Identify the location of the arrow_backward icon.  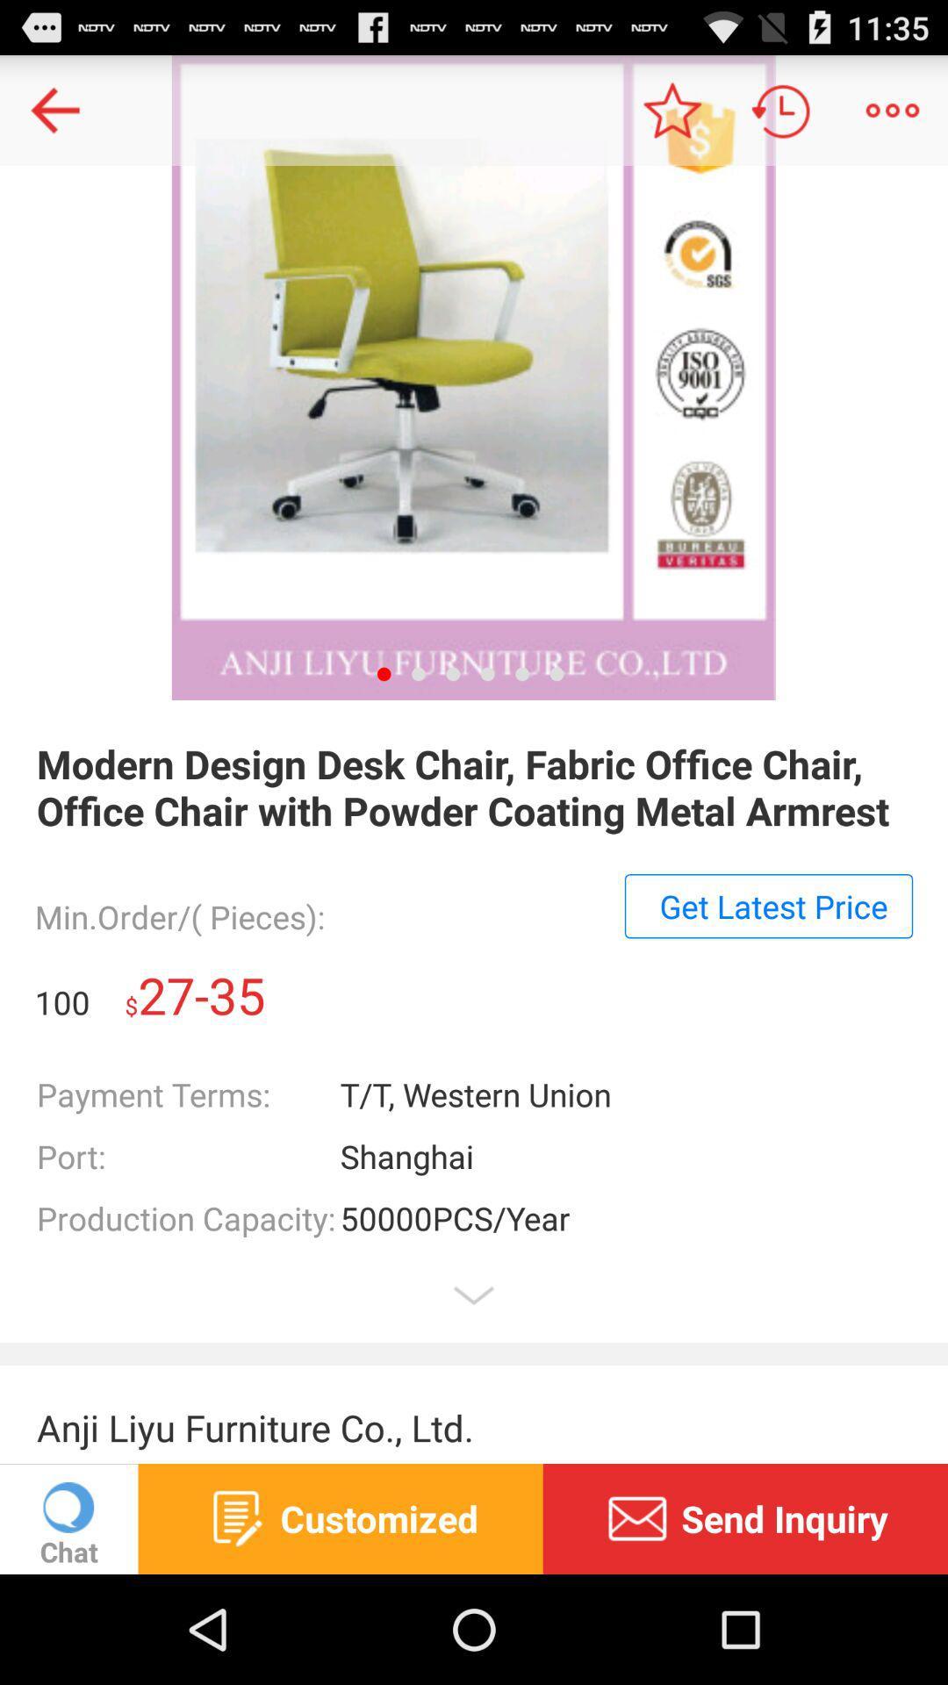
(54, 117).